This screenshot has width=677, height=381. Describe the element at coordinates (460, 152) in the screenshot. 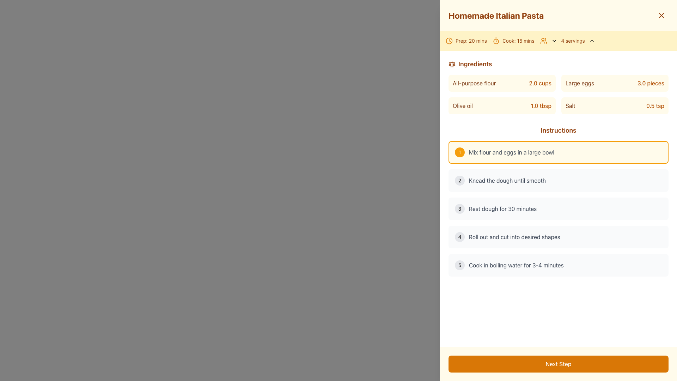

I see `the associated instruction step by clicking on the step indicator for step 1, which is visually marked in the top portion of the instruction list with a yellow border and background` at that location.